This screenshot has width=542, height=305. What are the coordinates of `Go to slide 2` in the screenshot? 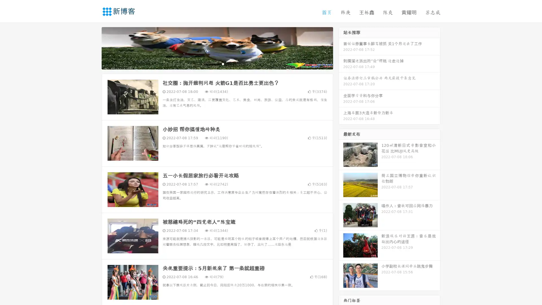 It's located at (217, 64).